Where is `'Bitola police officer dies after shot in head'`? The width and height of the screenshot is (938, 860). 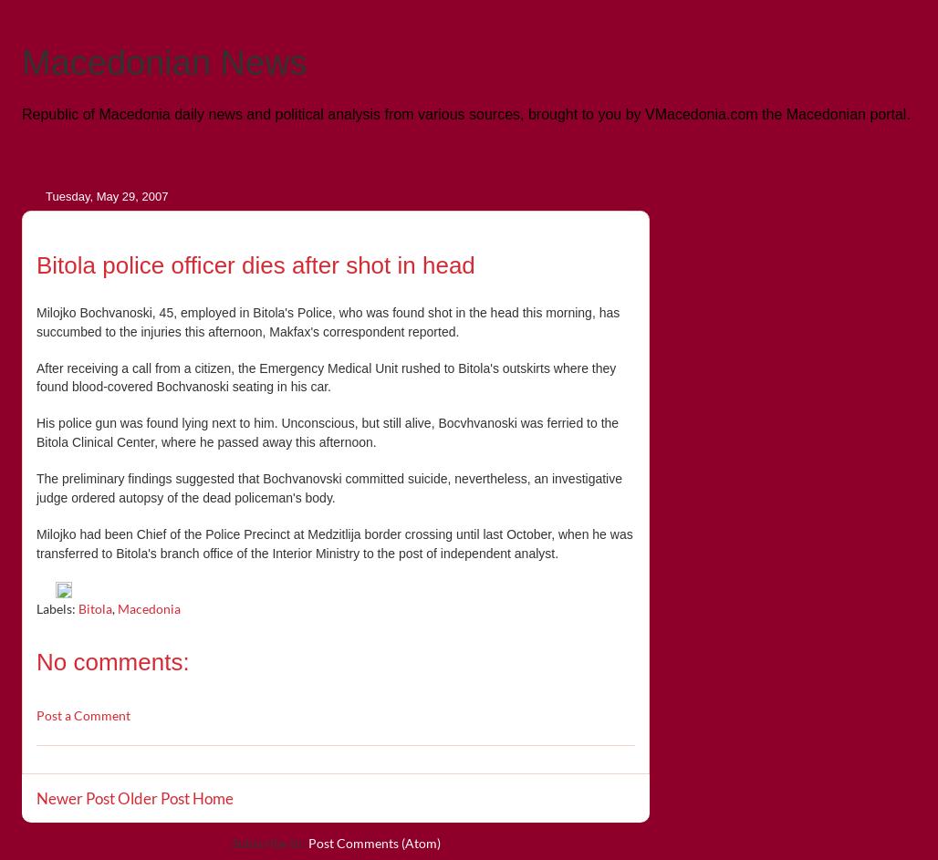
'Bitola police officer dies after shot in head' is located at coordinates (255, 263).